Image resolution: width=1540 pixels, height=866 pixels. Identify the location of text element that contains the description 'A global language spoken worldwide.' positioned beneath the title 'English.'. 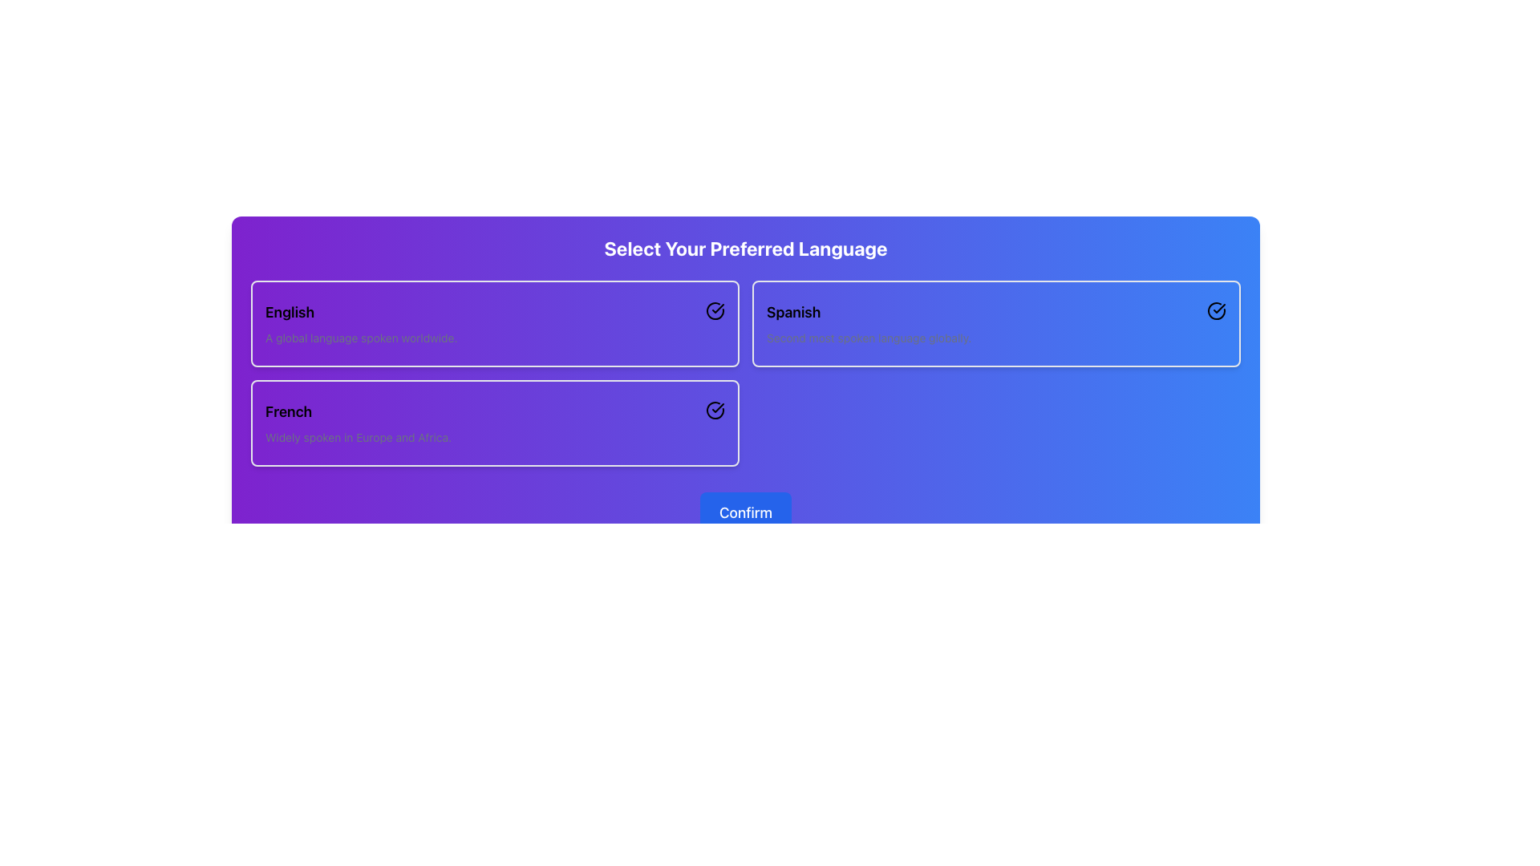
(360, 337).